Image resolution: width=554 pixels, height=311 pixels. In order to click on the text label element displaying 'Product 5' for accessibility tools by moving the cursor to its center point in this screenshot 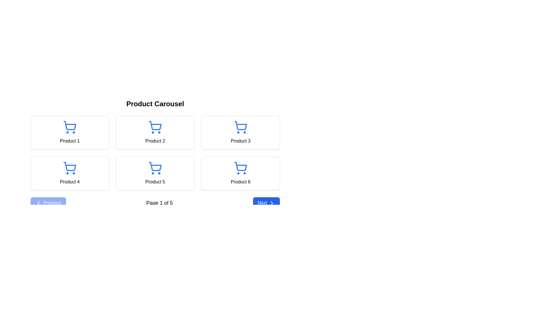, I will do `click(155, 182)`.